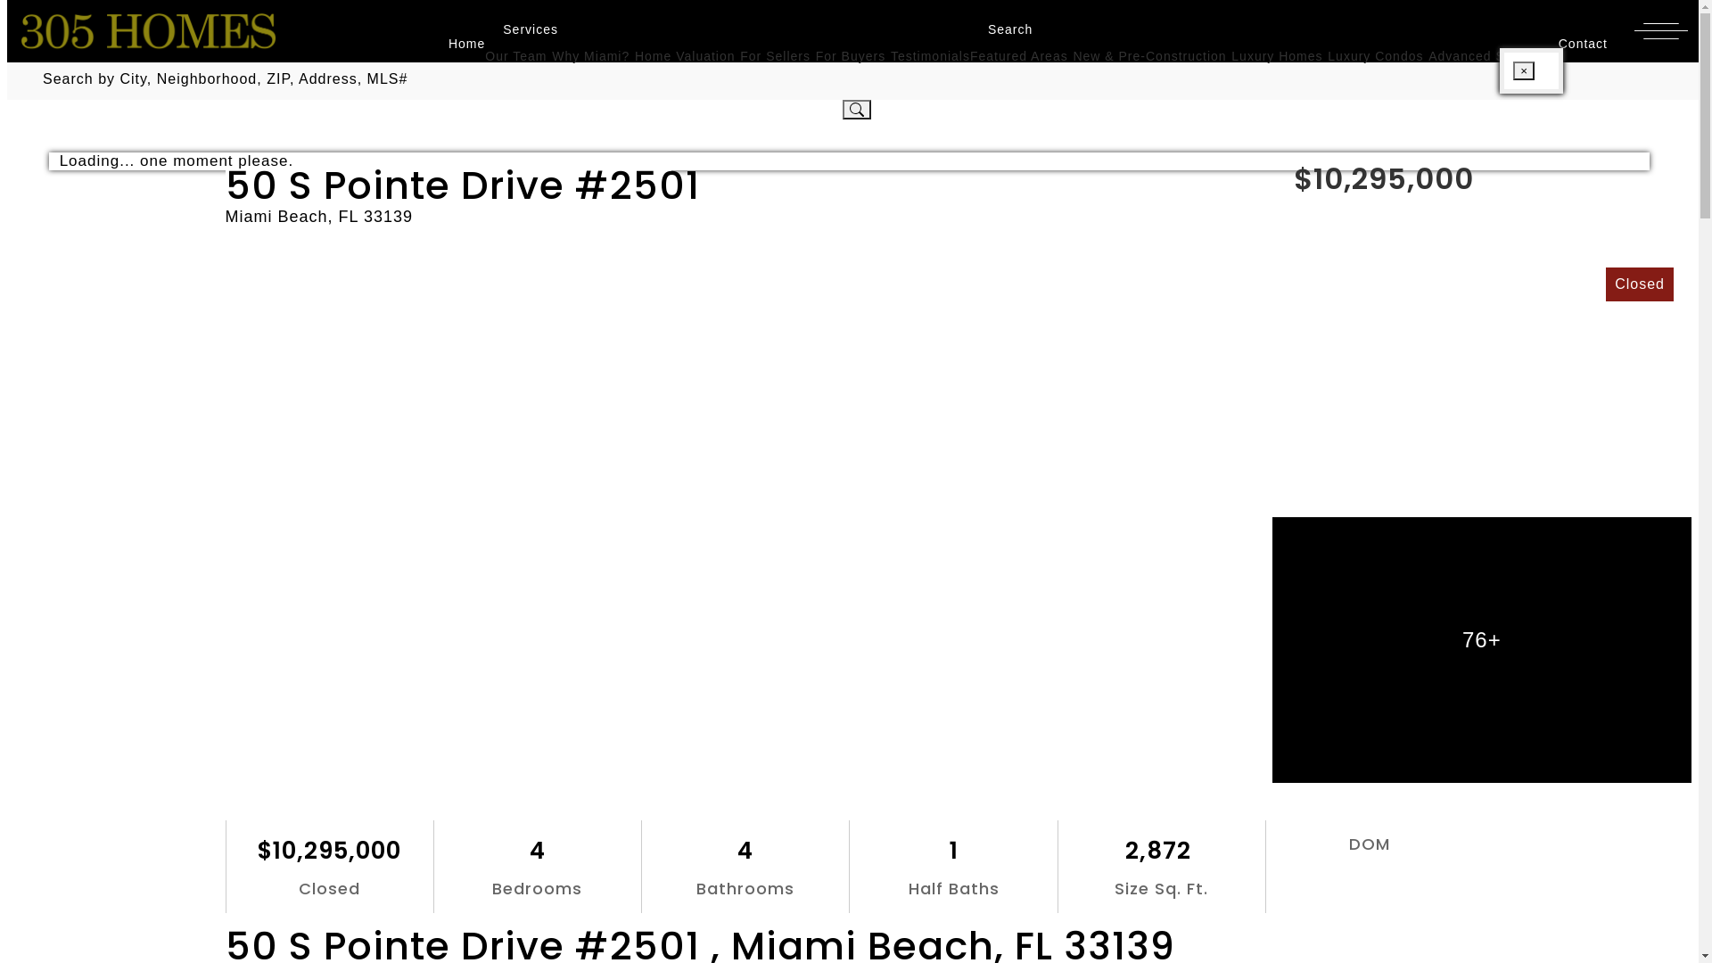 The width and height of the screenshot is (1712, 963). What do you see at coordinates (929, 54) in the screenshot?
I see `'Testimonials'` at bounding box center [929, 54].